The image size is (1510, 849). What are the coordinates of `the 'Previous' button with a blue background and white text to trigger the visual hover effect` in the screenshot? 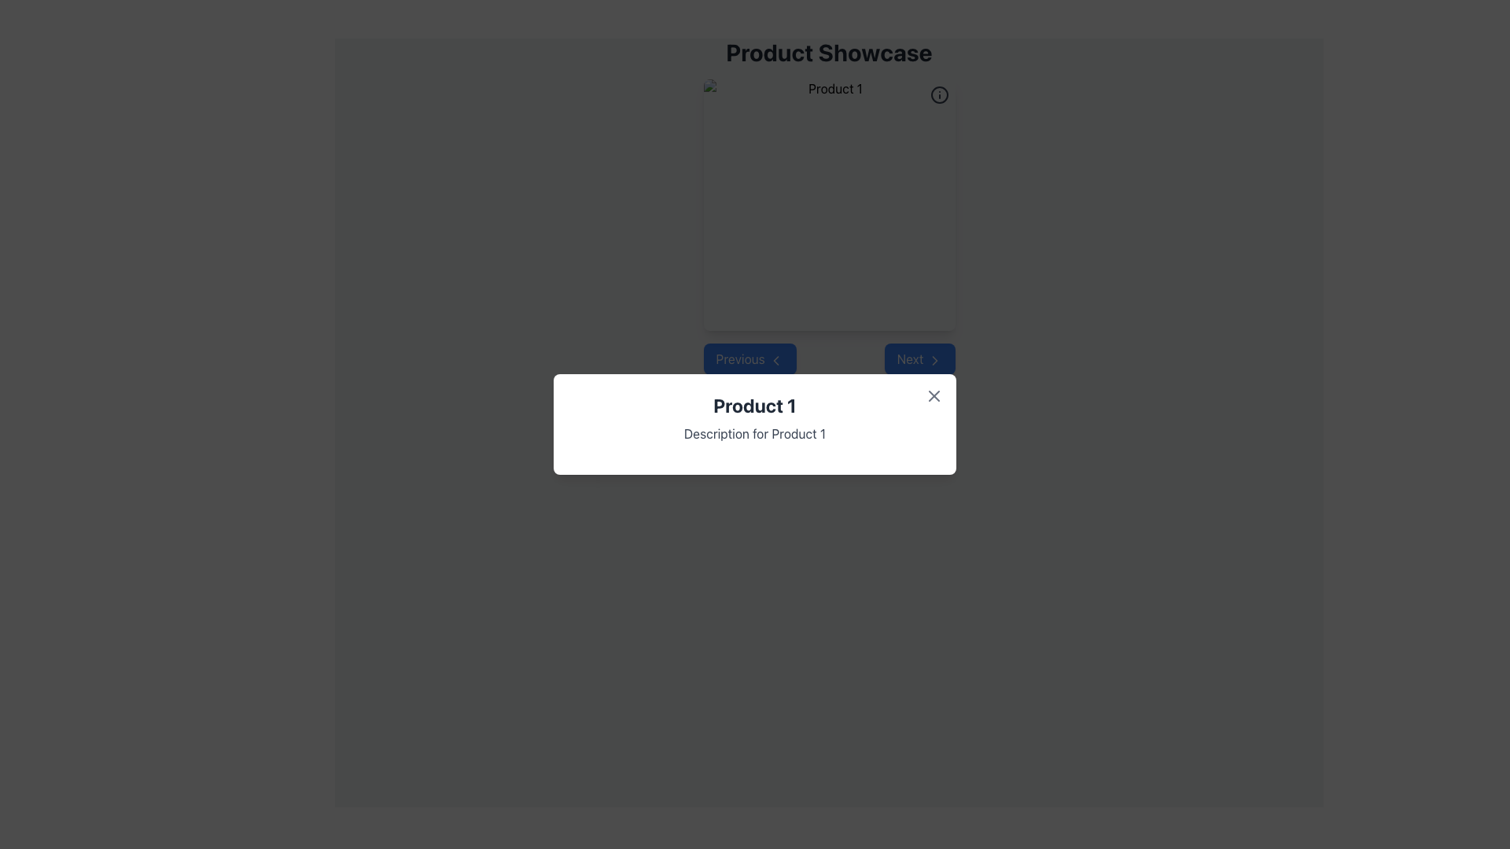 It's located at (749, 358).